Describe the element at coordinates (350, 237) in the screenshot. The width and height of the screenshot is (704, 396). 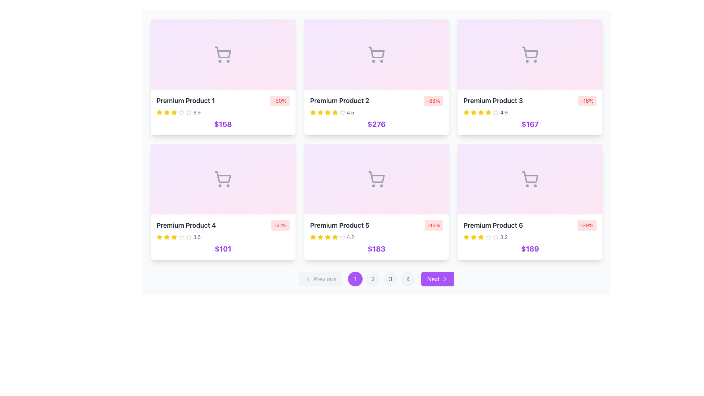
I see `the static text displaying '4.2' which is styled in a smaller sans-serif font and colored in muted gray, located to the right of the star rating icons under 'Premium Product 5'` at that location.